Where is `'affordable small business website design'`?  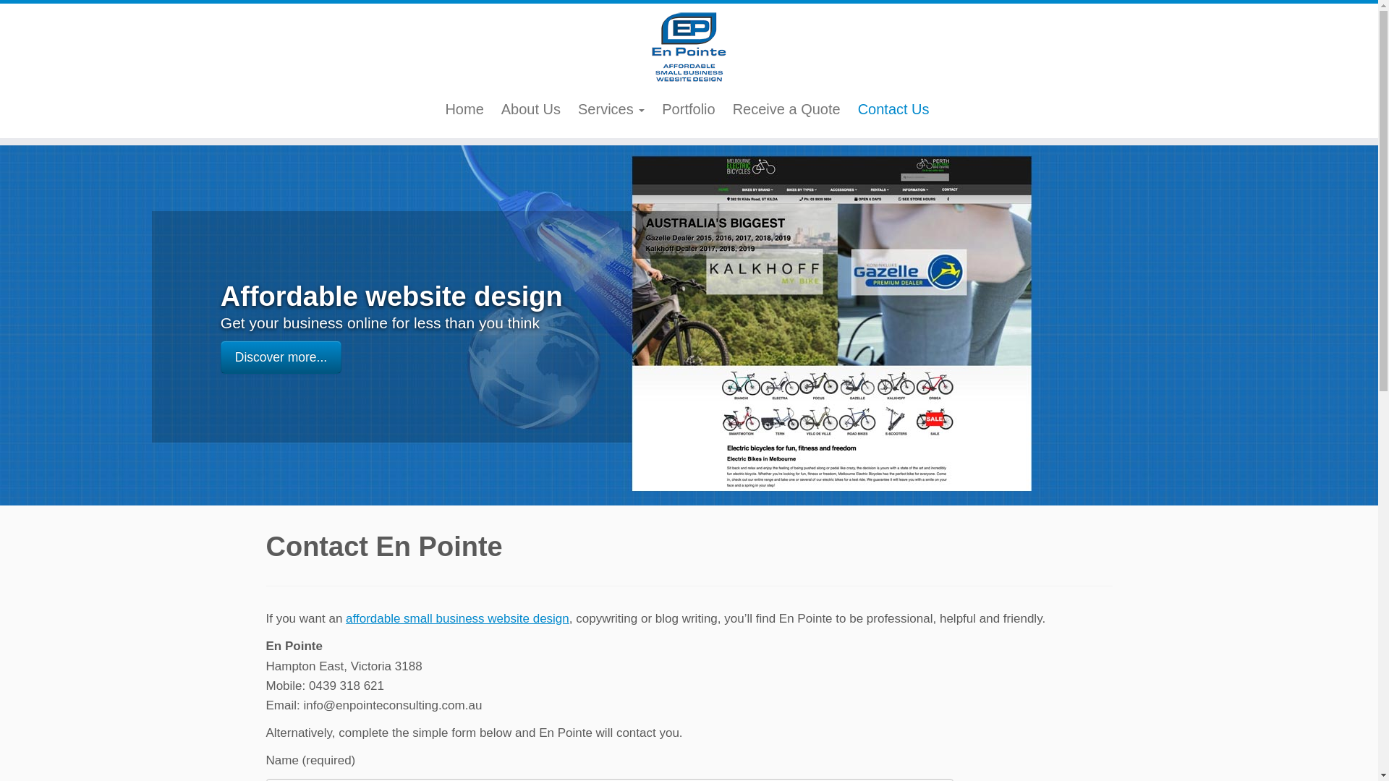 'affordable small business website design' is located at coordinates (456, 618).